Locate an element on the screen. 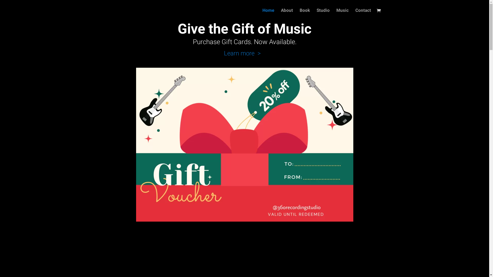 This screenshot has width=493, height=277. 'Contact' is located at coordinates (363, 14).